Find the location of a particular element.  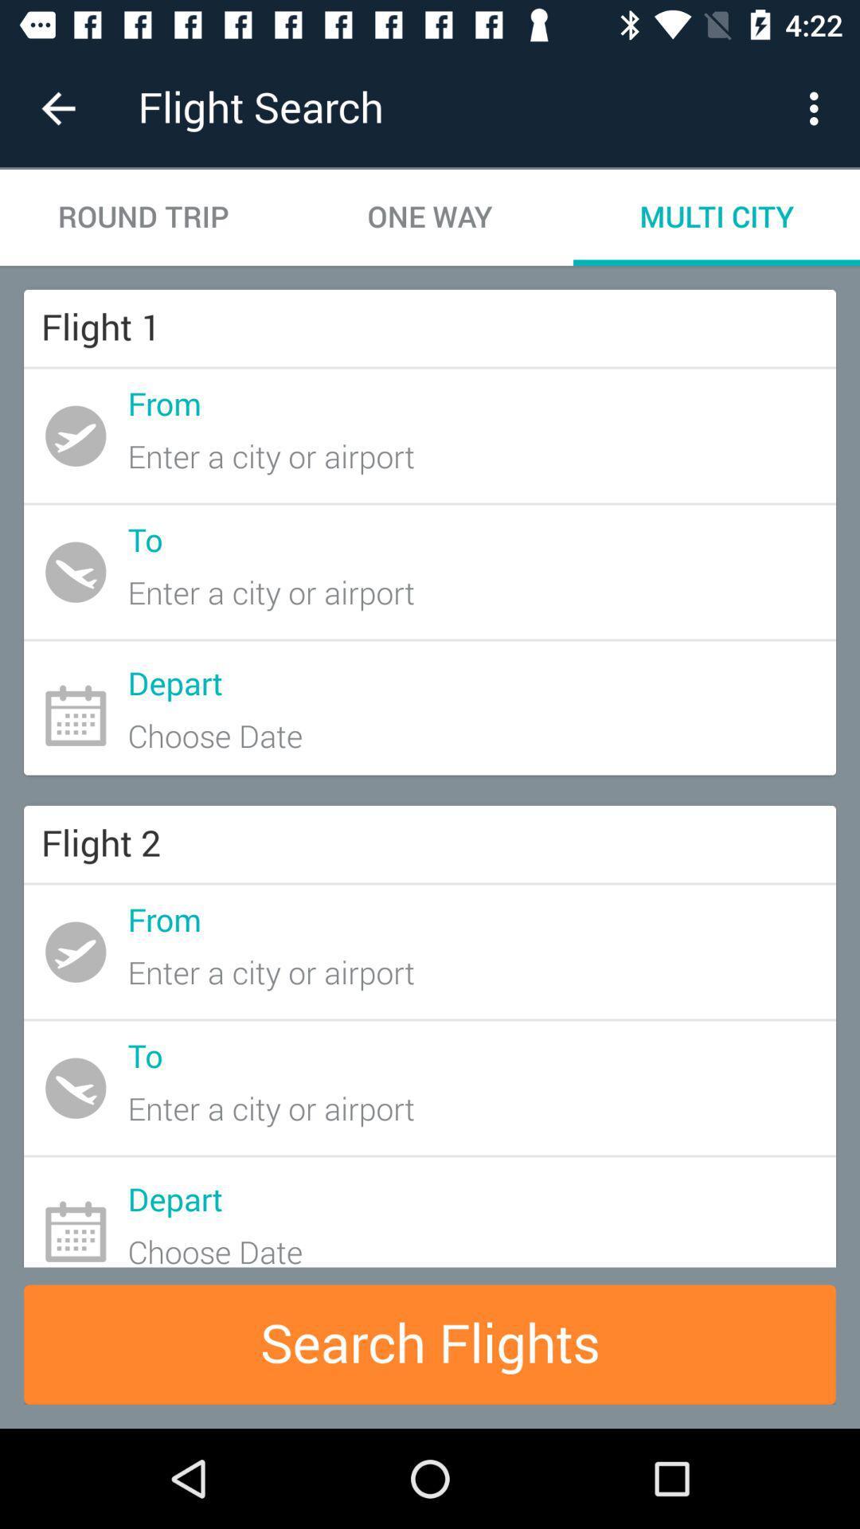

three vertical dots in the top right corner of the web page is located at coordinates (818, 108).